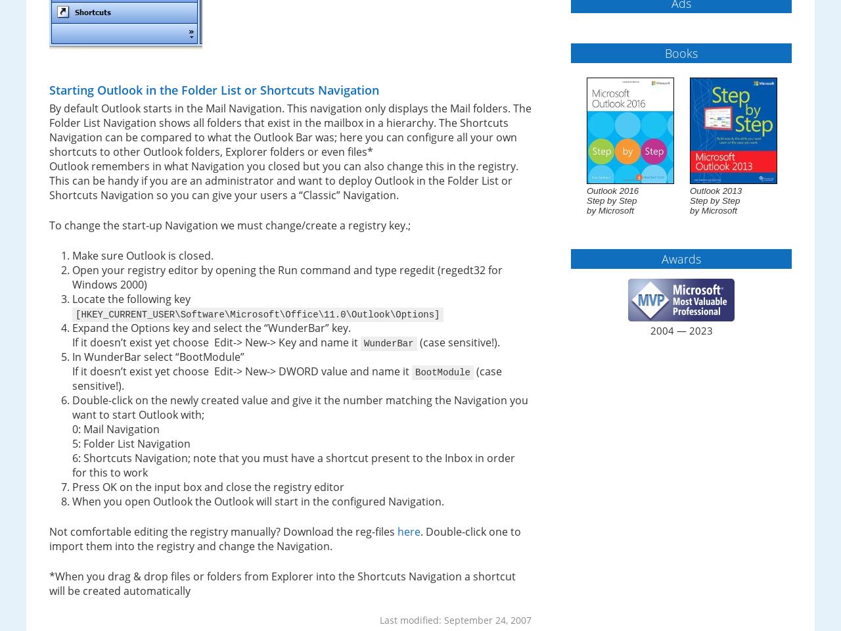  What do you see at coordinates (229, 225) in the screenshot?
I see `'To change the start-up Navigation we must change/create a registry key.;'` at bounding box center [229, 225].